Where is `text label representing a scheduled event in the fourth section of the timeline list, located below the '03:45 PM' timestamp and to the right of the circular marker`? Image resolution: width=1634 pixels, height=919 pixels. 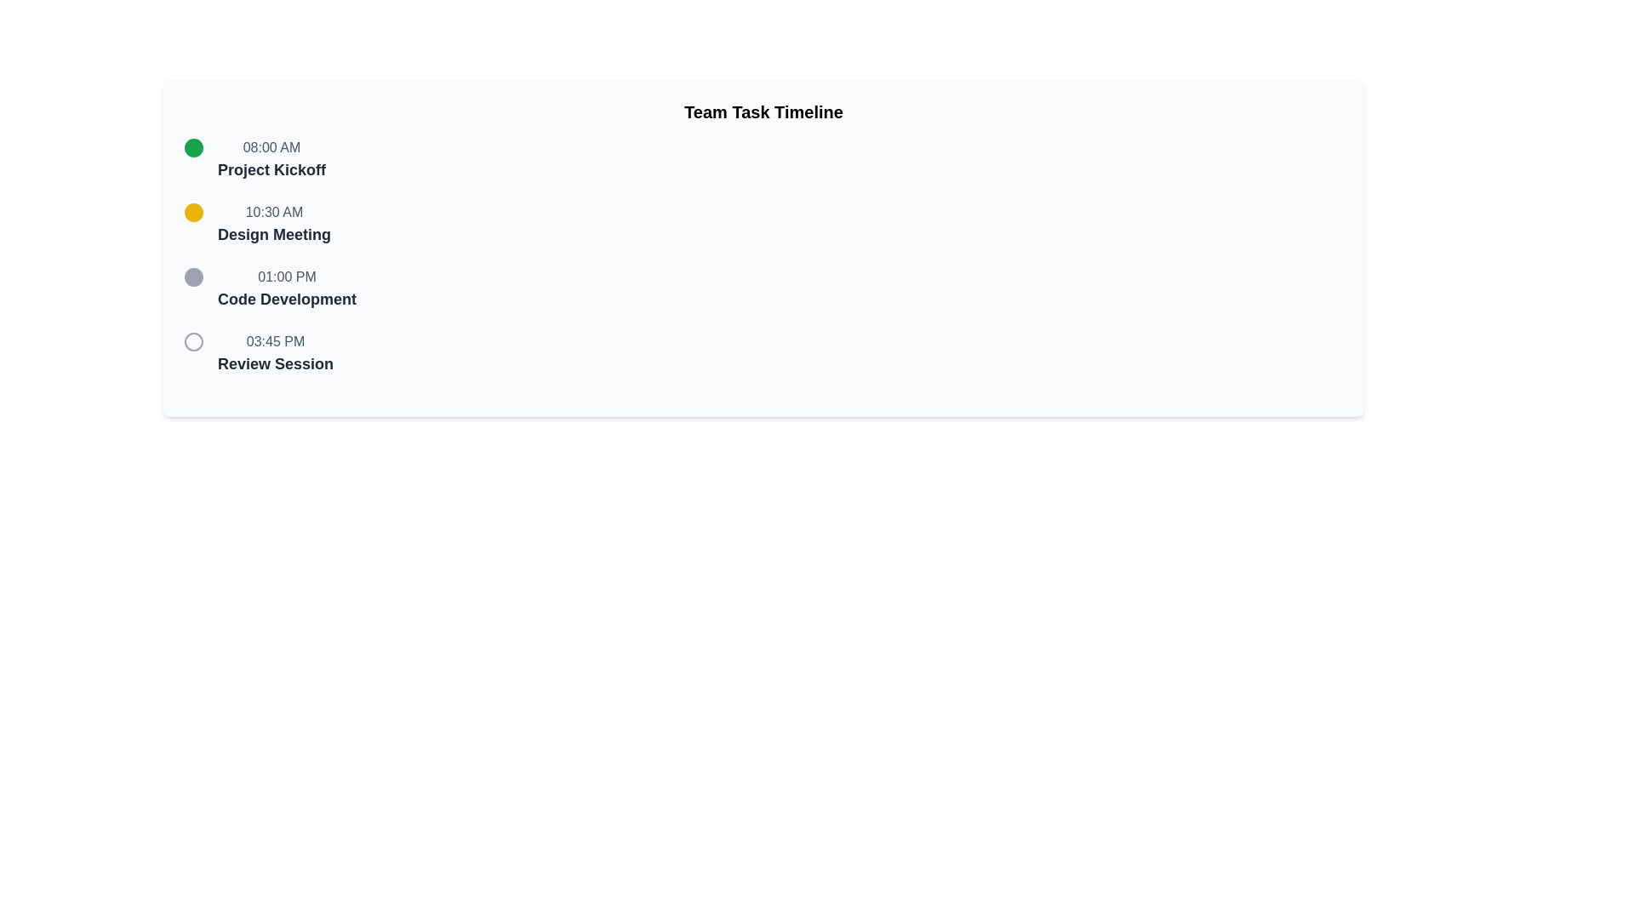
text label representing a scheduled event in the fourth section of the timeline list, located below the '03:45 PM' timestamp and to the right of the circular marker is located at coordinates (276, 363).